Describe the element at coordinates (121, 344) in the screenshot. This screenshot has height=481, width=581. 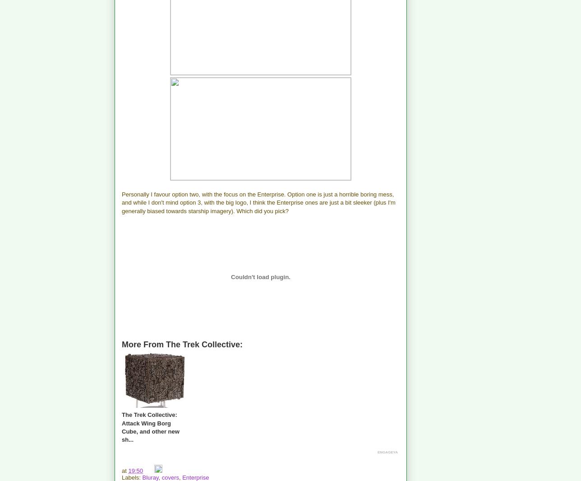
I see `'More From The Trek Collective:'` at that location.